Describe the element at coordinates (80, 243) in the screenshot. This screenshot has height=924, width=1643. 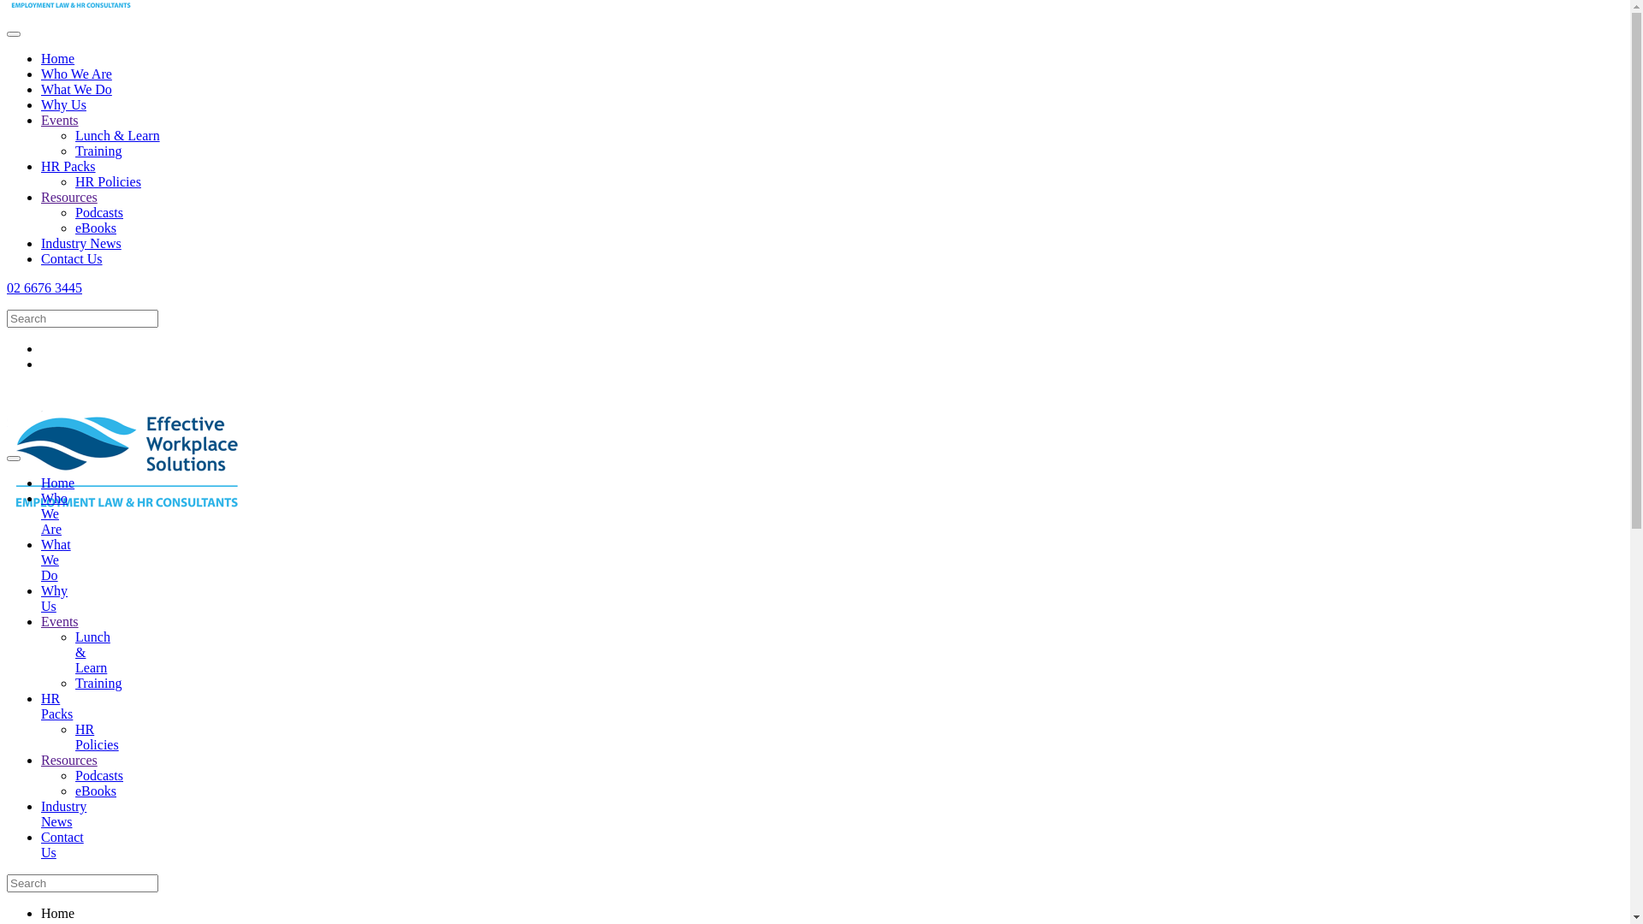
I see `'Industry News'` at that location.